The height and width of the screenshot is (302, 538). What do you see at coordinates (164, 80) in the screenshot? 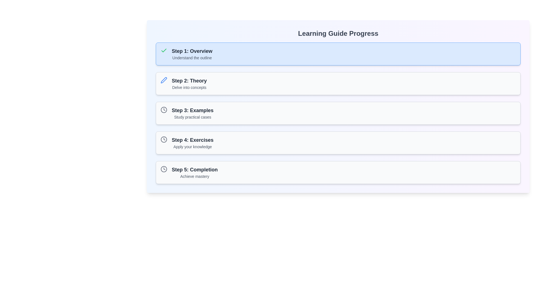
I see `the decorative icon in the second card labeled 'Step 2: Theory' which is associated with editing or writing` at bounding box center [164, 80].